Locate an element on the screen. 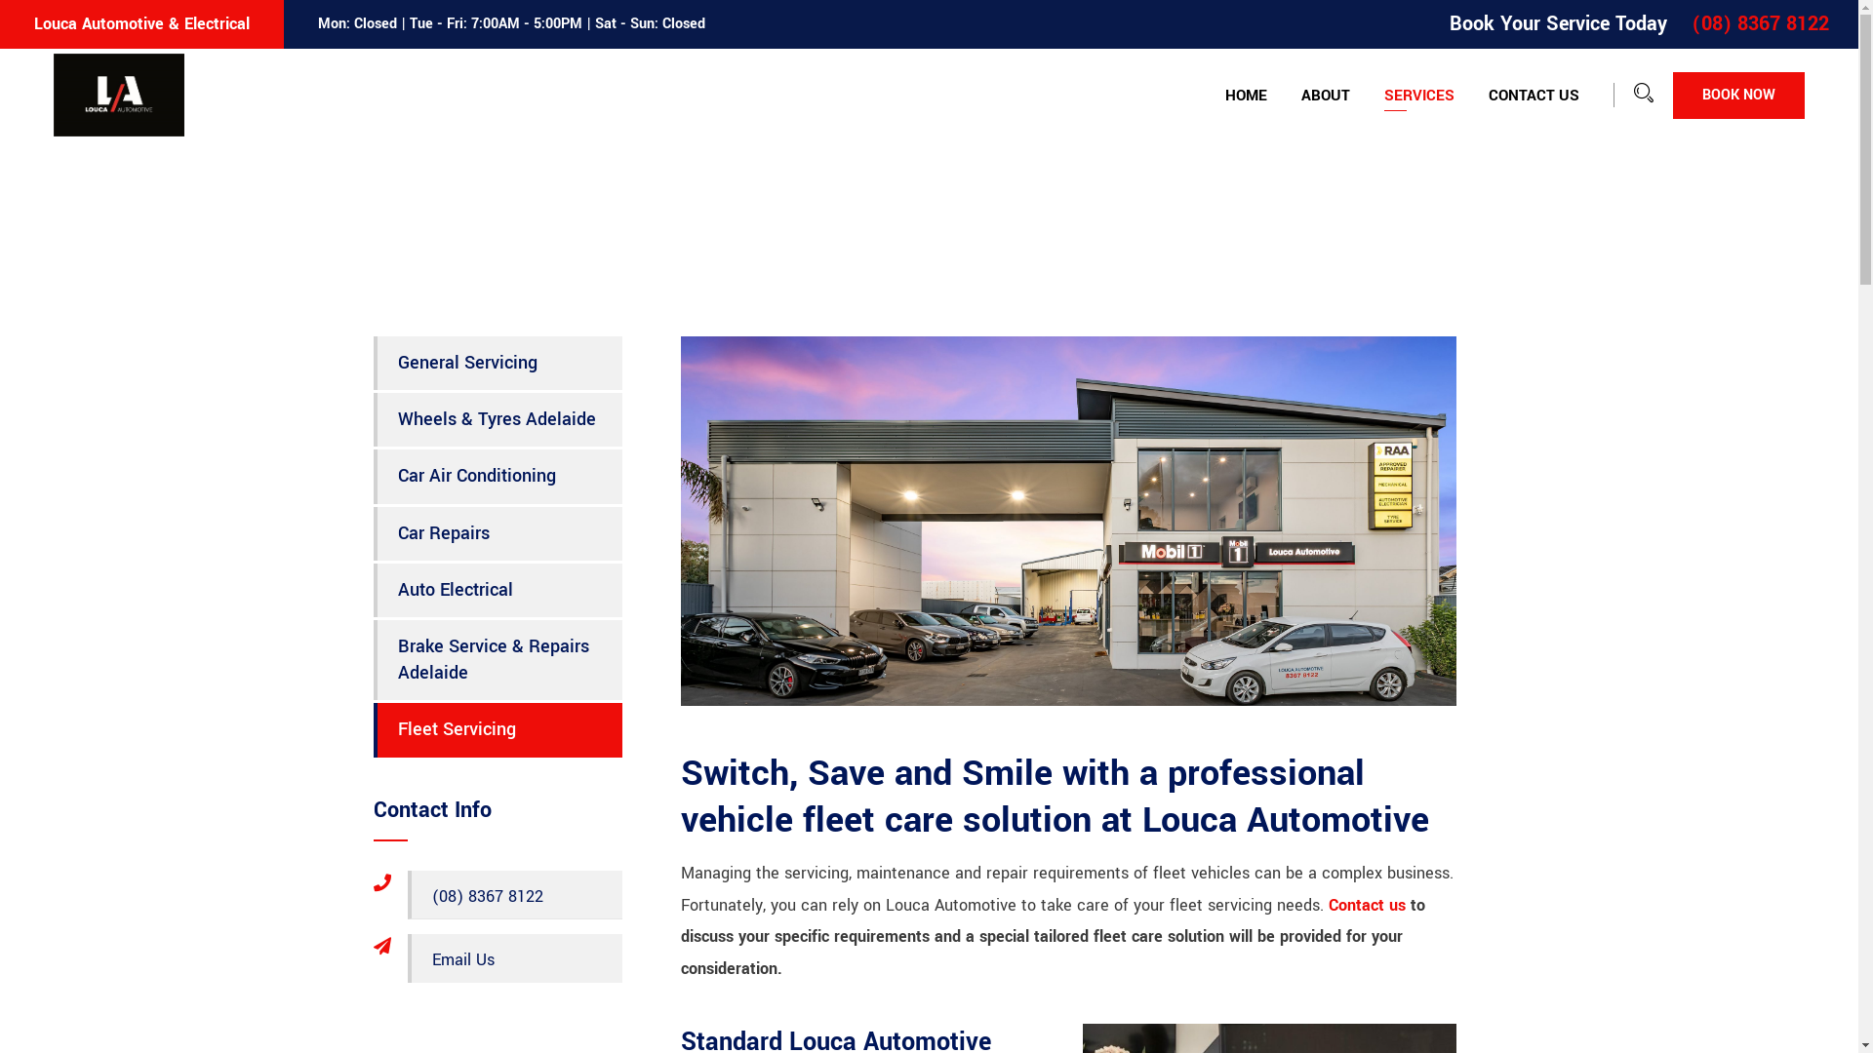  'Wheels & Tyres Adelaide' is located at coordinates (497, 418).